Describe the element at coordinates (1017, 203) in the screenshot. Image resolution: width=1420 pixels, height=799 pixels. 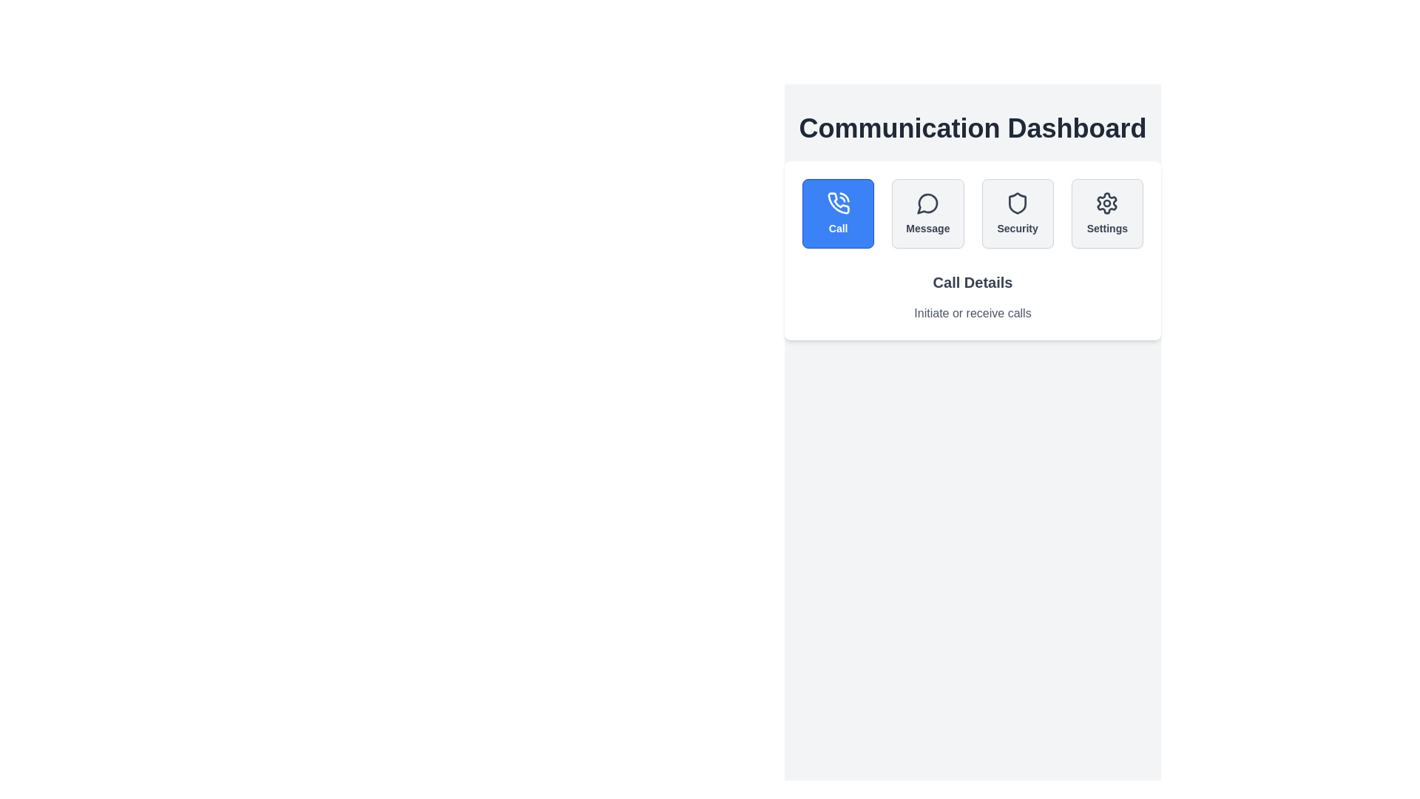
I see `the 'Security' icon, which is the third icon from the left in the horizontal group of four icons below the 'Communication Dashboard' heading` at that location.